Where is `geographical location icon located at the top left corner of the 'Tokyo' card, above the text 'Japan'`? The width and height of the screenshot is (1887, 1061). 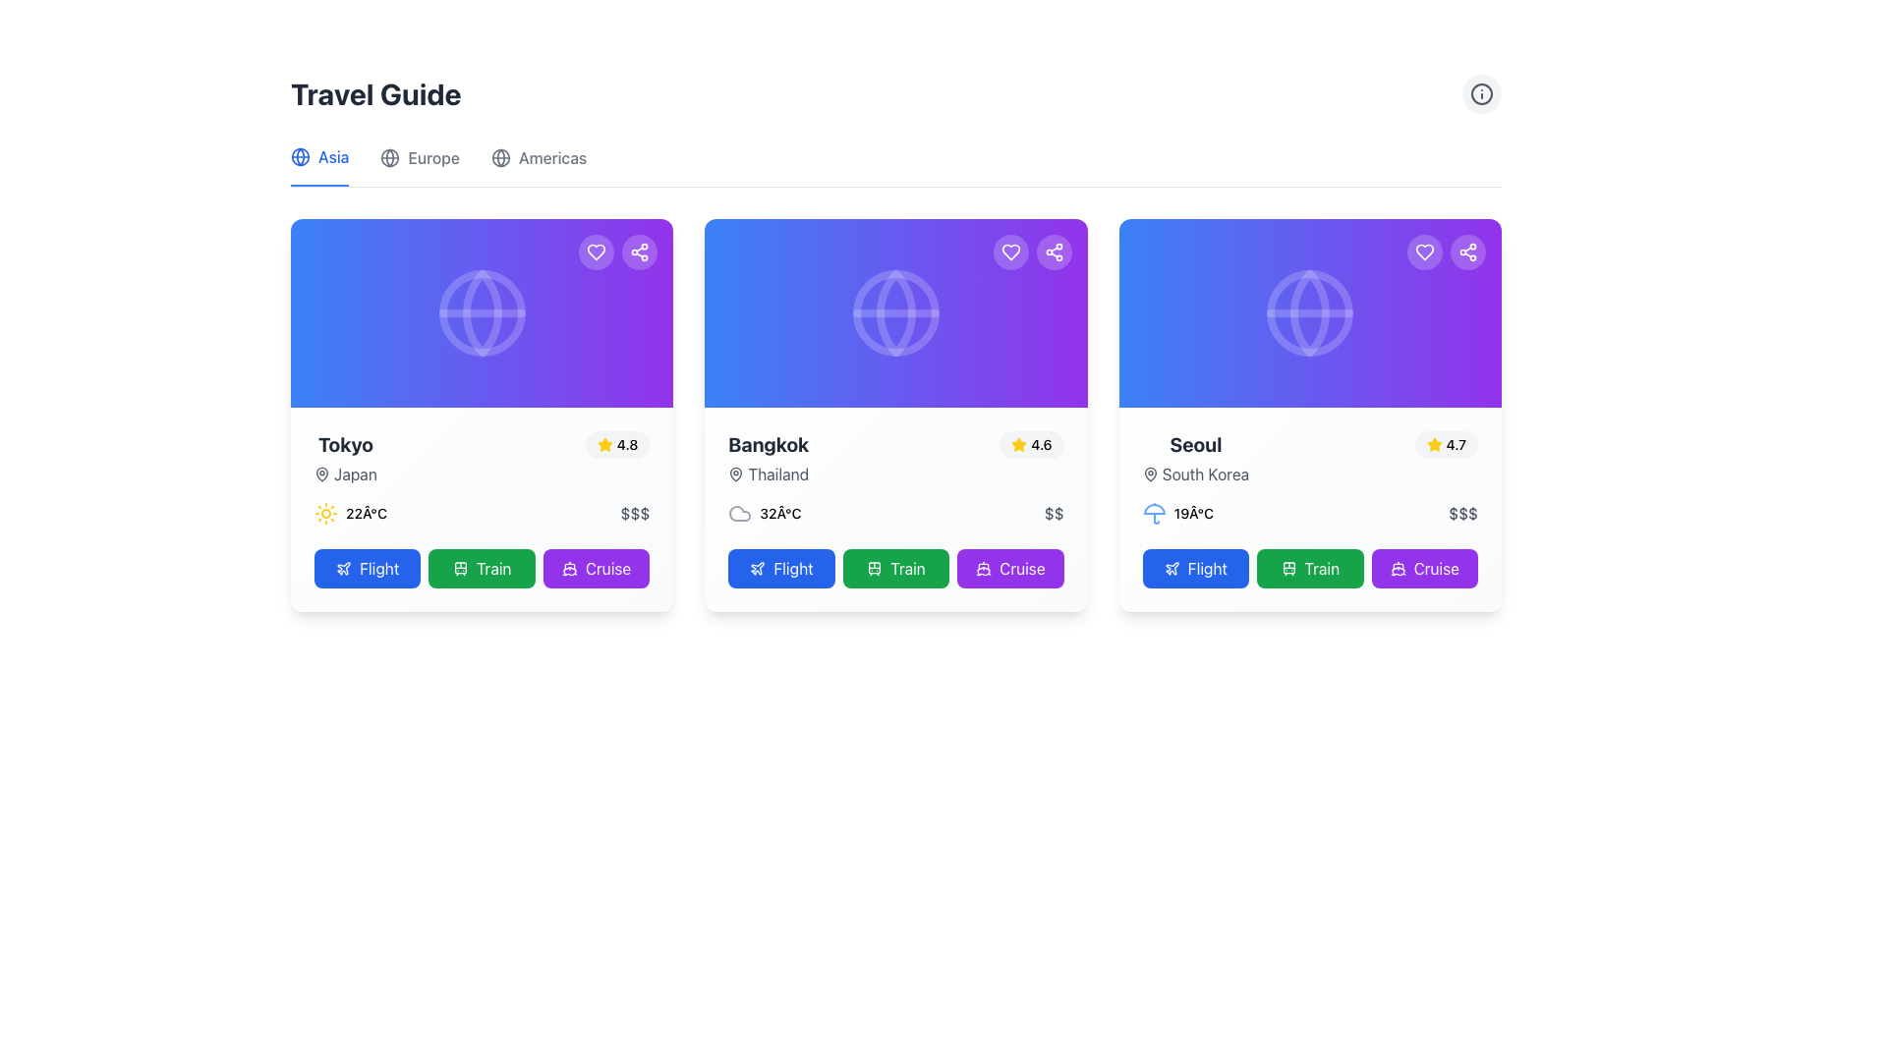
geographical location icon located at the top left corner of the 'Tokyo' card, above the text 'Japan' is located at coordinates (321, 474).